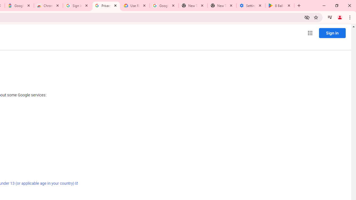  I want to click on 'Chrome Web Store - Color themes by Chrome', so click(48, 6).